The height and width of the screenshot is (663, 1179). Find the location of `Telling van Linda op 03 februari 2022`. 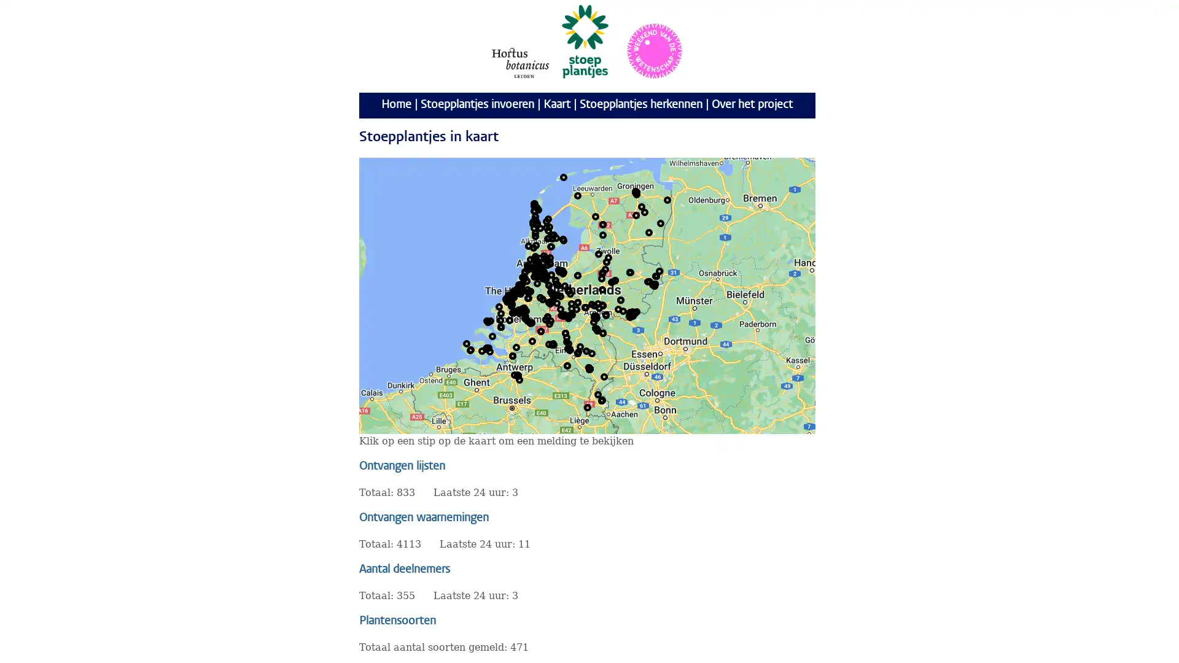

Telling van Linda op 03 februari 2022 is located at coordinates (512, 303).